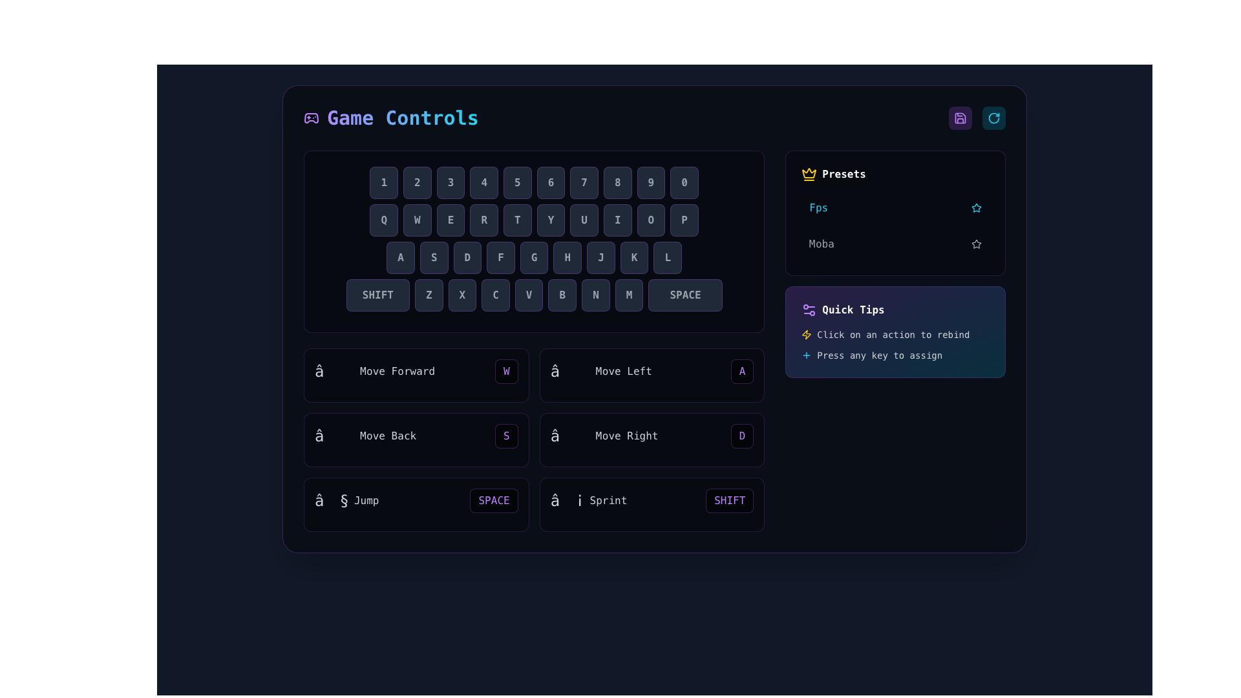 This screenshot has width=1241, height=698. I want to click on the 'Fps' configuration preset button located, so click(895, 207).